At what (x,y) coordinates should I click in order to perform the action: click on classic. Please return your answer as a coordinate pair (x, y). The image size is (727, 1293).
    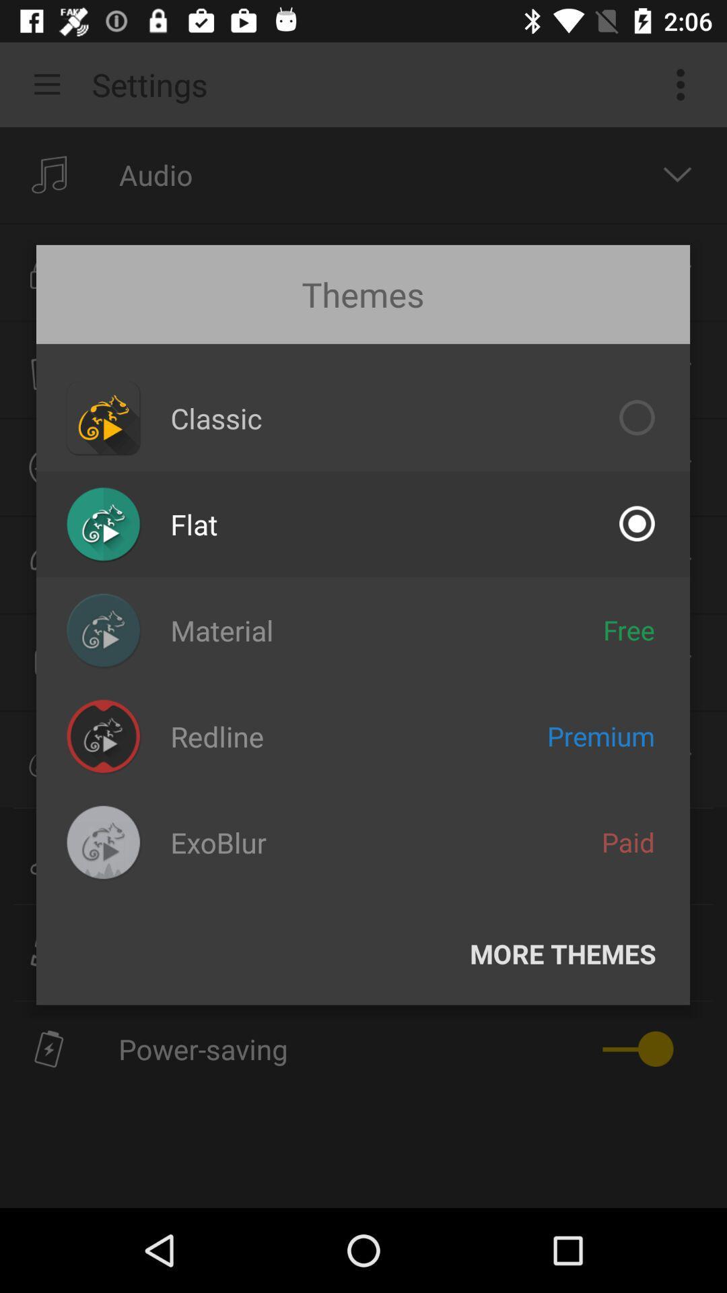
    Looking at the image, I should click on (215, 417).